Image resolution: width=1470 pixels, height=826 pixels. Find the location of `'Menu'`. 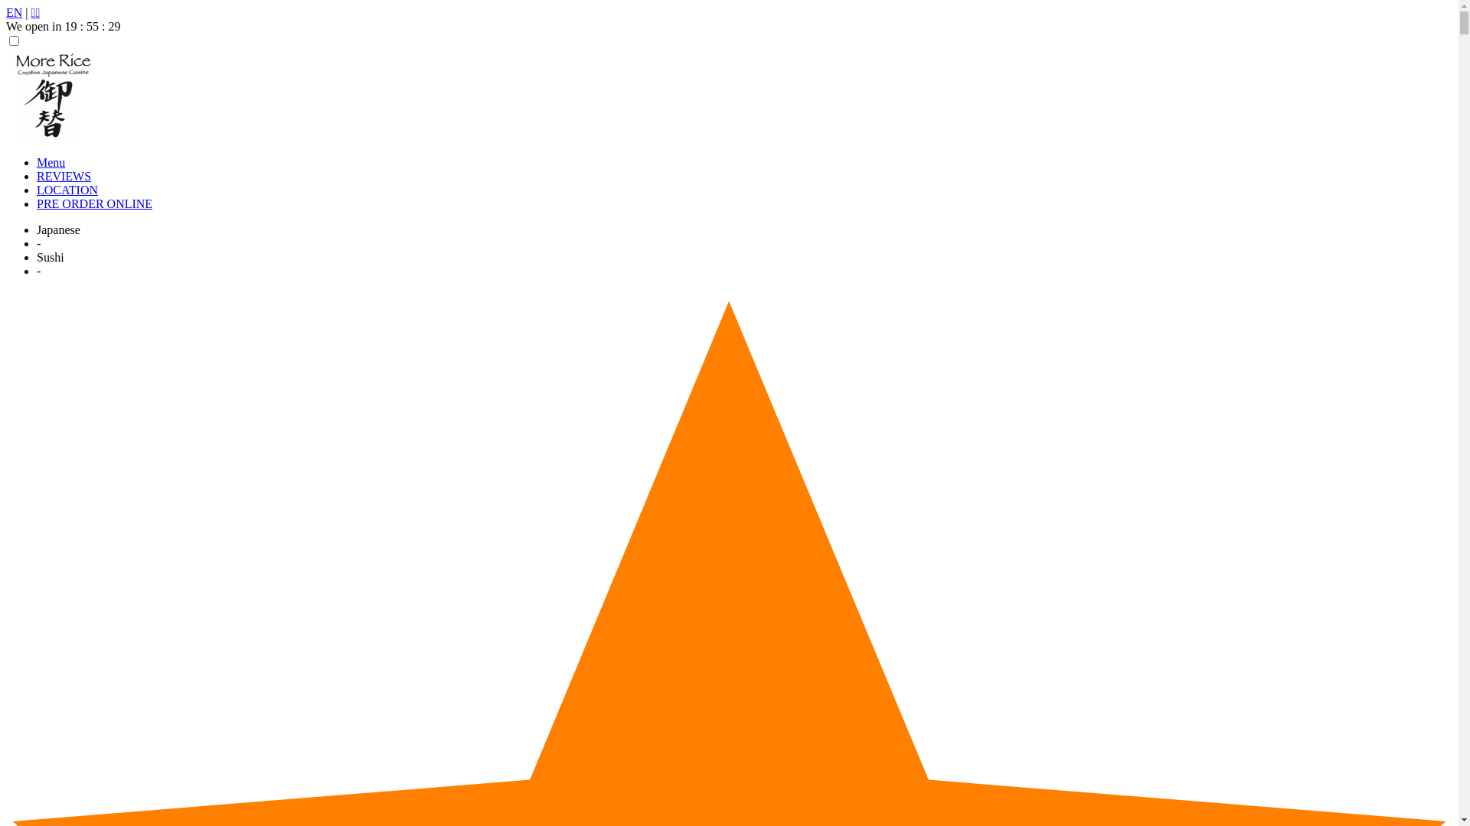

'Menu' is located at coordinates (51, 162).